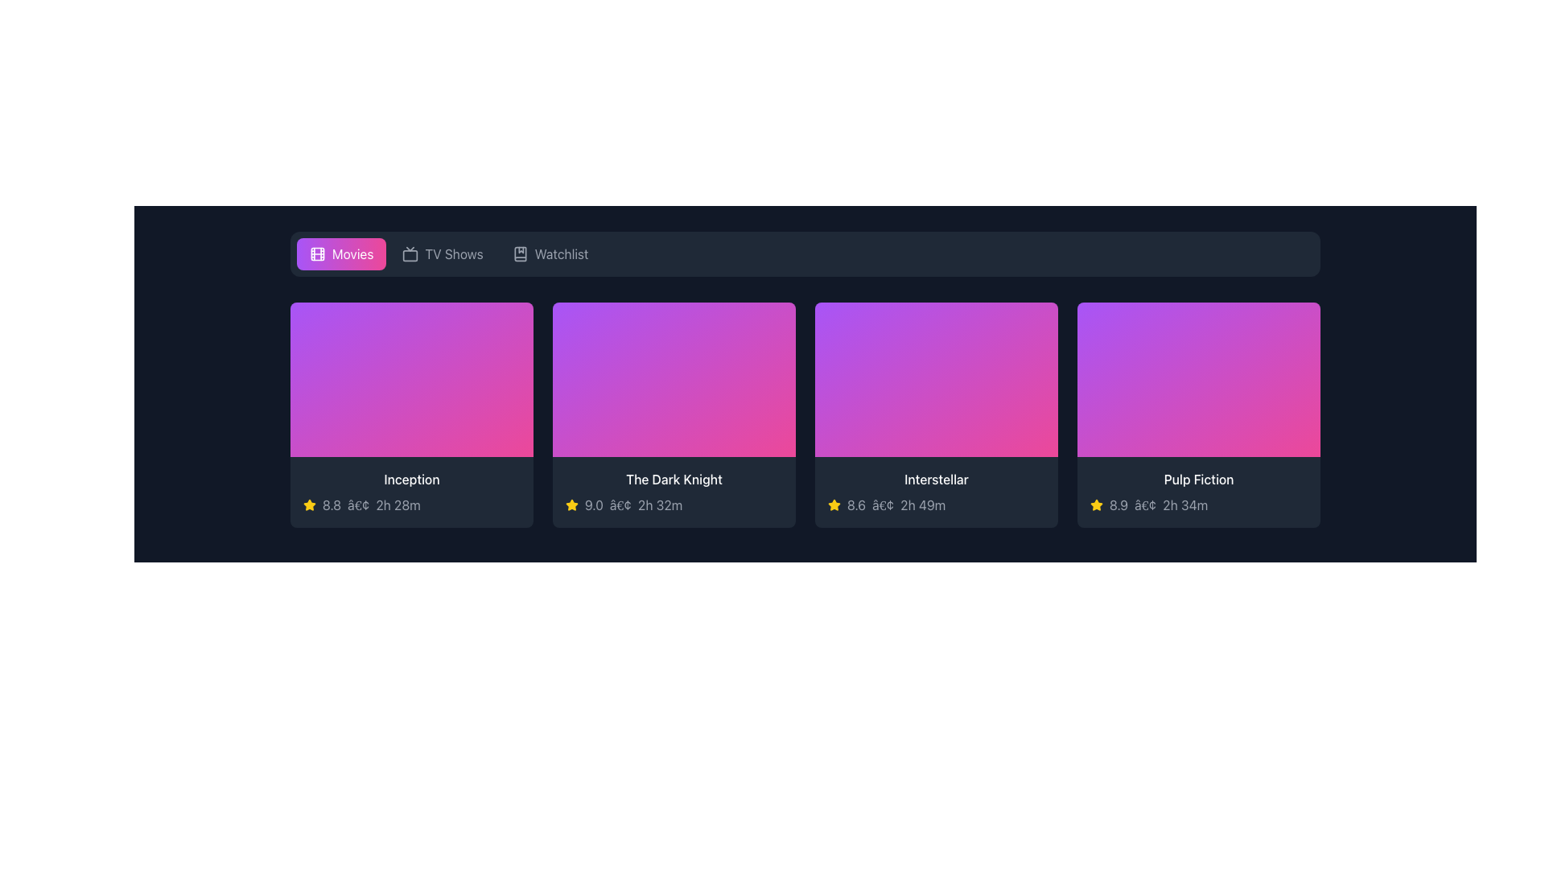 The image size is (1545, 869). I want to click on the bullet point text element that is positioned between the rating '9.0' and the duration '2h 32m', so click(620, 505).